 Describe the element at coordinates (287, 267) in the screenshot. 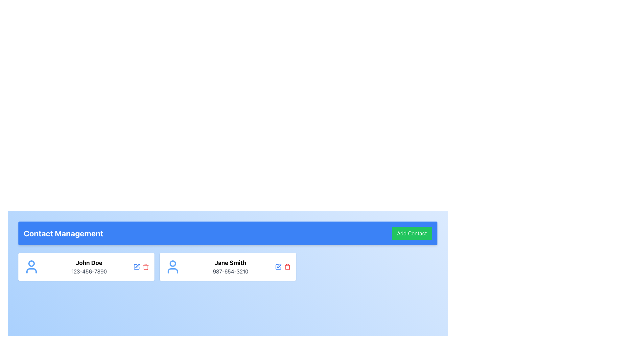

I see `the delete icon located within the button for the contact 'Jane Smith'` at that location.